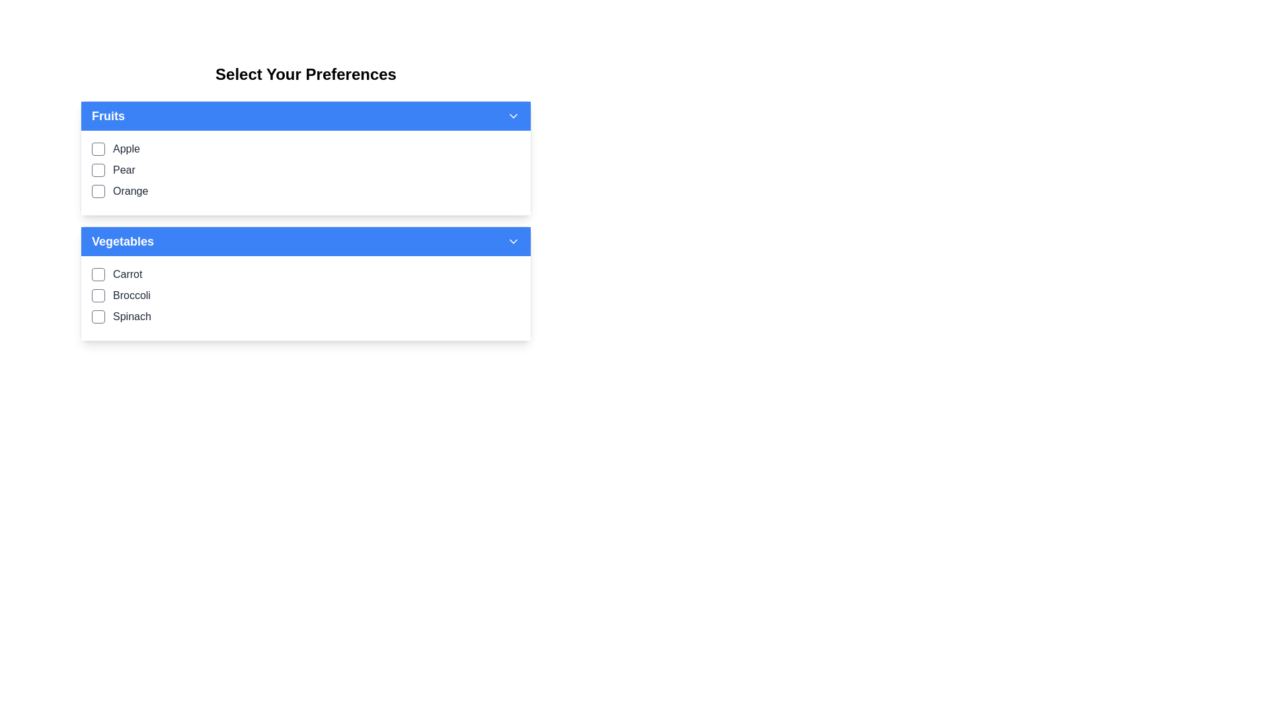 This screenshot has width=1269, height=713. I want to click on the 'Apple' checkbox in the 'Fruits' section, so click(305, 149).